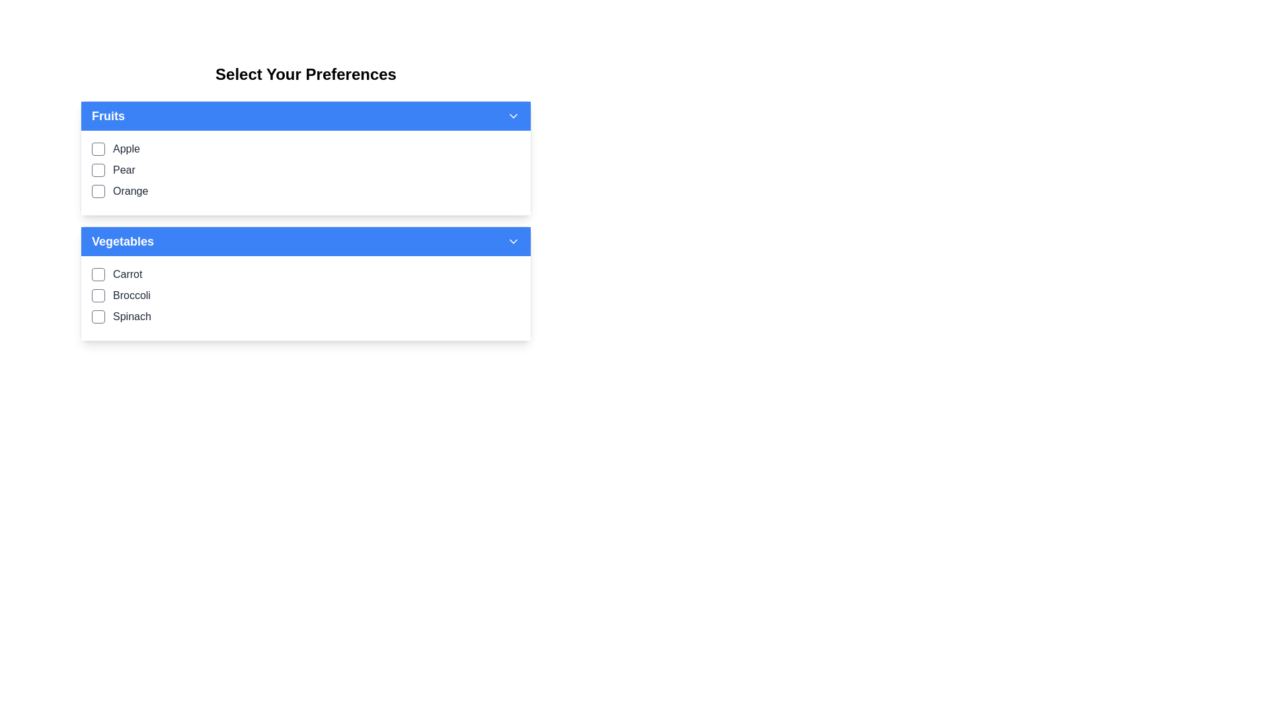 This screenshot has width=1269, height=713. I want to click on the 'Apple' checkbox in the 'Fruits' section, so click(305, 149).